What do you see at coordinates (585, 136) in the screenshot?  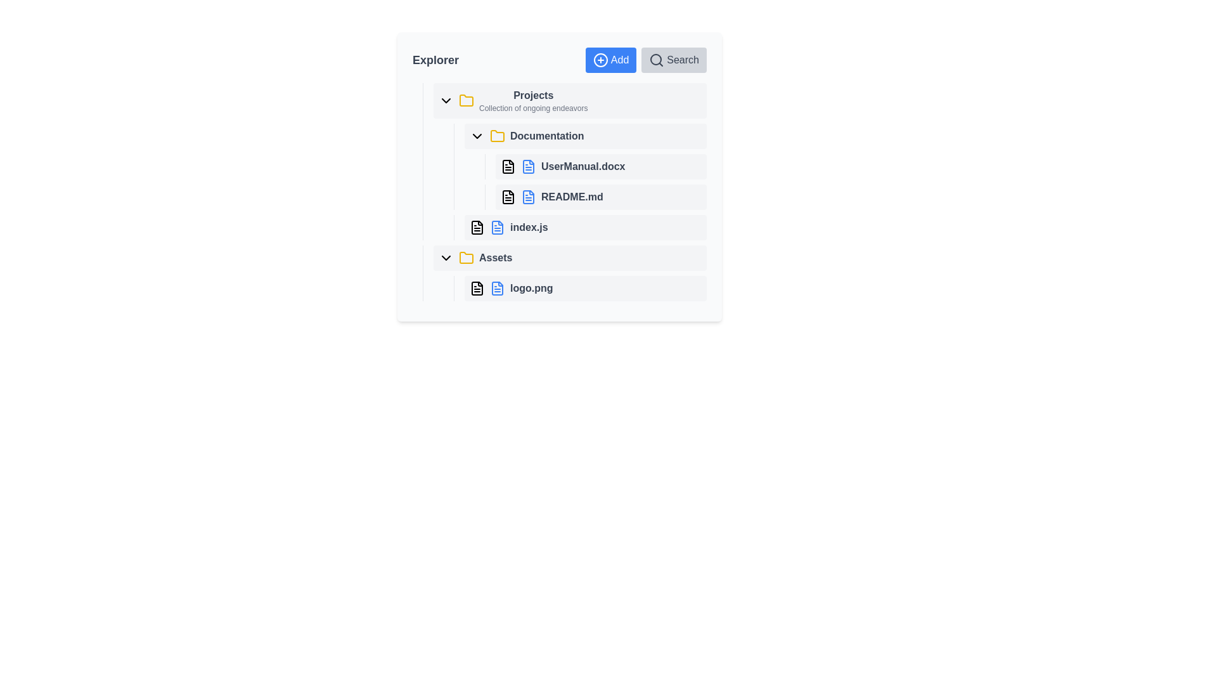 I see `the first row of the folder list item labeled 'Documentation' under the 'Projects' section in the Explorer` at bounding box center [585, 136].